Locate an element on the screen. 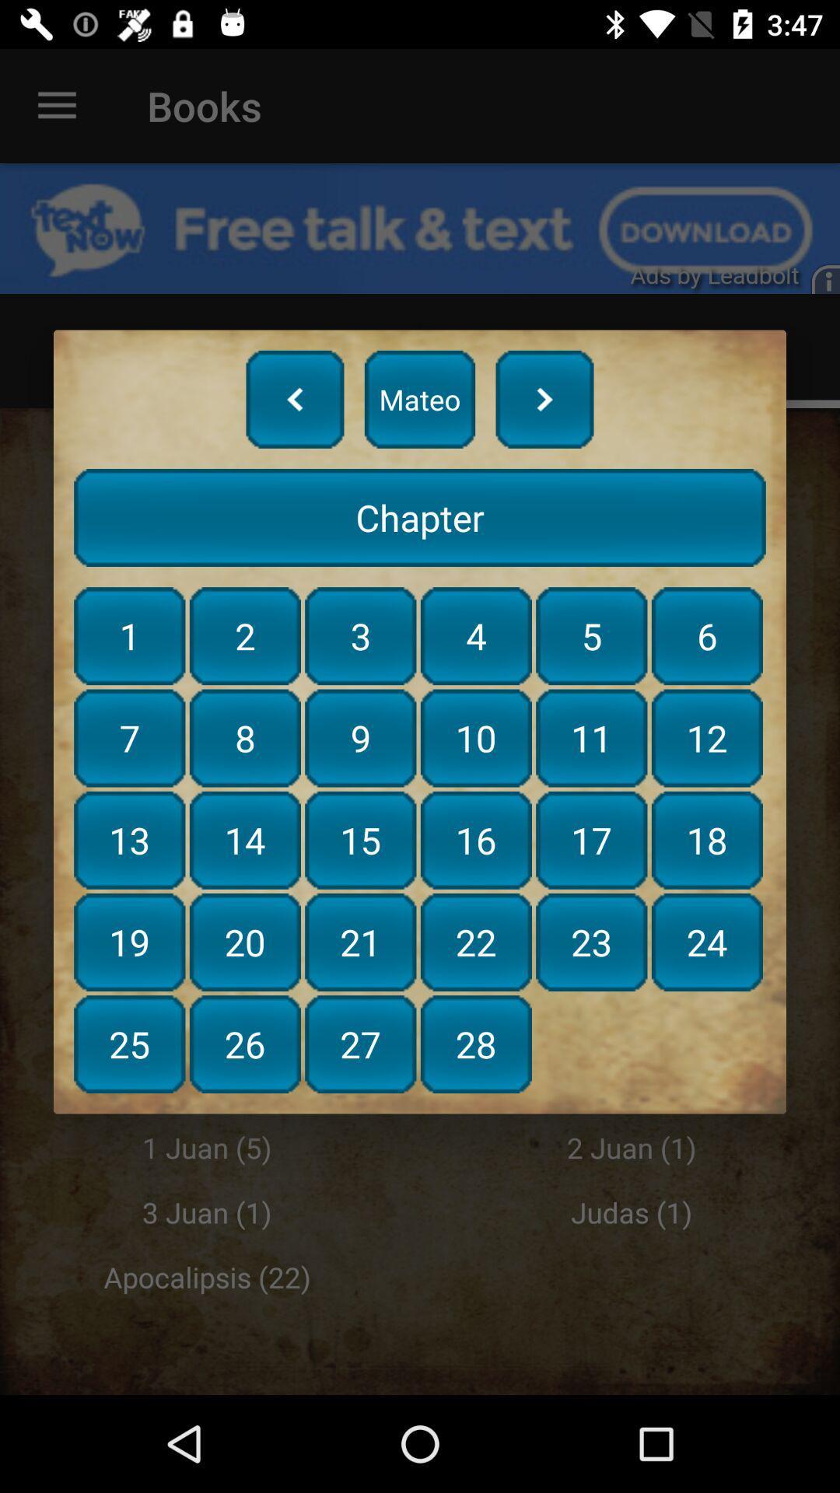  the item above chapter item is located at coordinates (544, 399).